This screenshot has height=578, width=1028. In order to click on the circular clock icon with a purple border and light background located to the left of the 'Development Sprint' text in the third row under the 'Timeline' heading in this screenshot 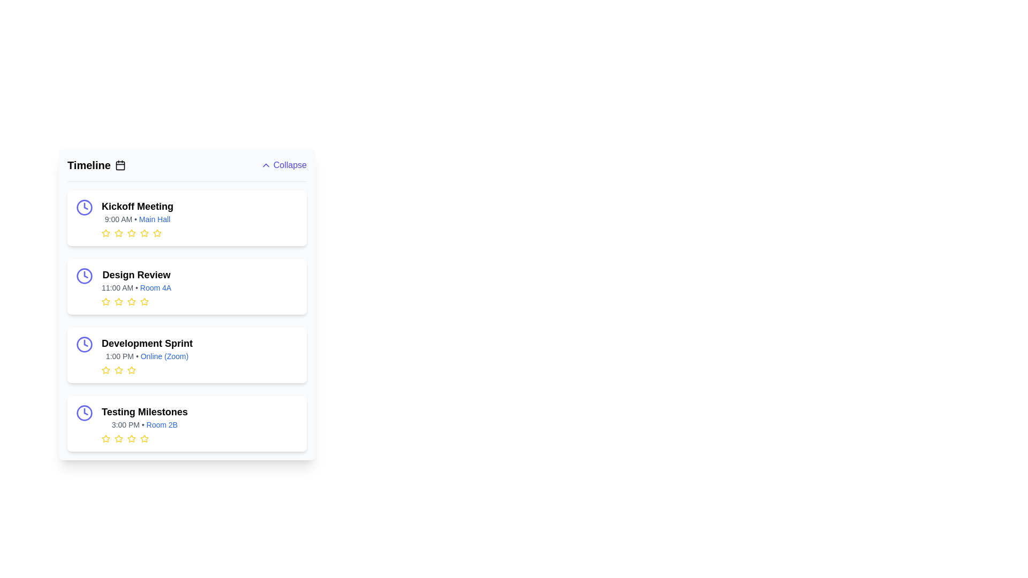, I will do `click(84, 345)`.